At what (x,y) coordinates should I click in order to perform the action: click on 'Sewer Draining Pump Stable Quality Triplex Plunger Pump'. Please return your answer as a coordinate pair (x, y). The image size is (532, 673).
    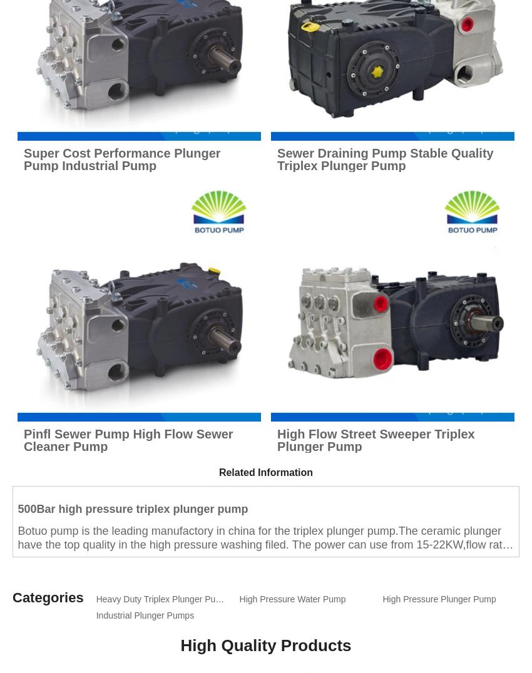
    Looking at the image, I should click on (384, 159).